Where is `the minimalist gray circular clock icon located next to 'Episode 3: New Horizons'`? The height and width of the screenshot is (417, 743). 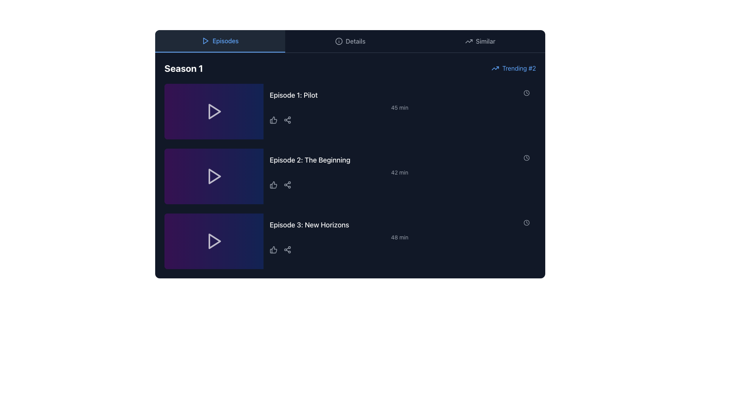
the minimalist gray circular clock icon located next to 'Episode 3: New Horizons' is located at coordinates (526, 223).